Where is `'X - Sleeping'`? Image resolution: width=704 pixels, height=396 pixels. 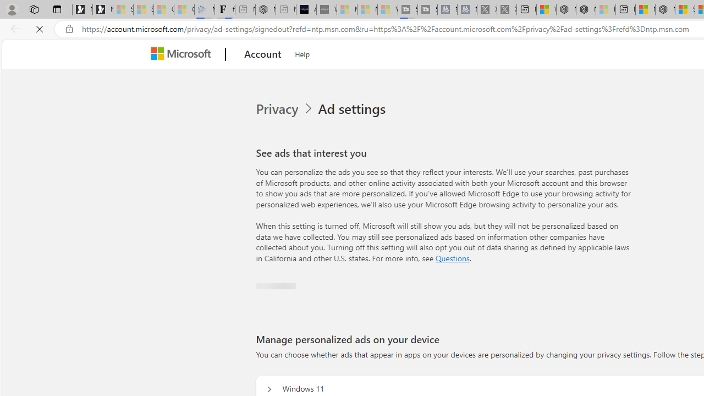 'X - Sleeping' is located at coordinates (506, 9).